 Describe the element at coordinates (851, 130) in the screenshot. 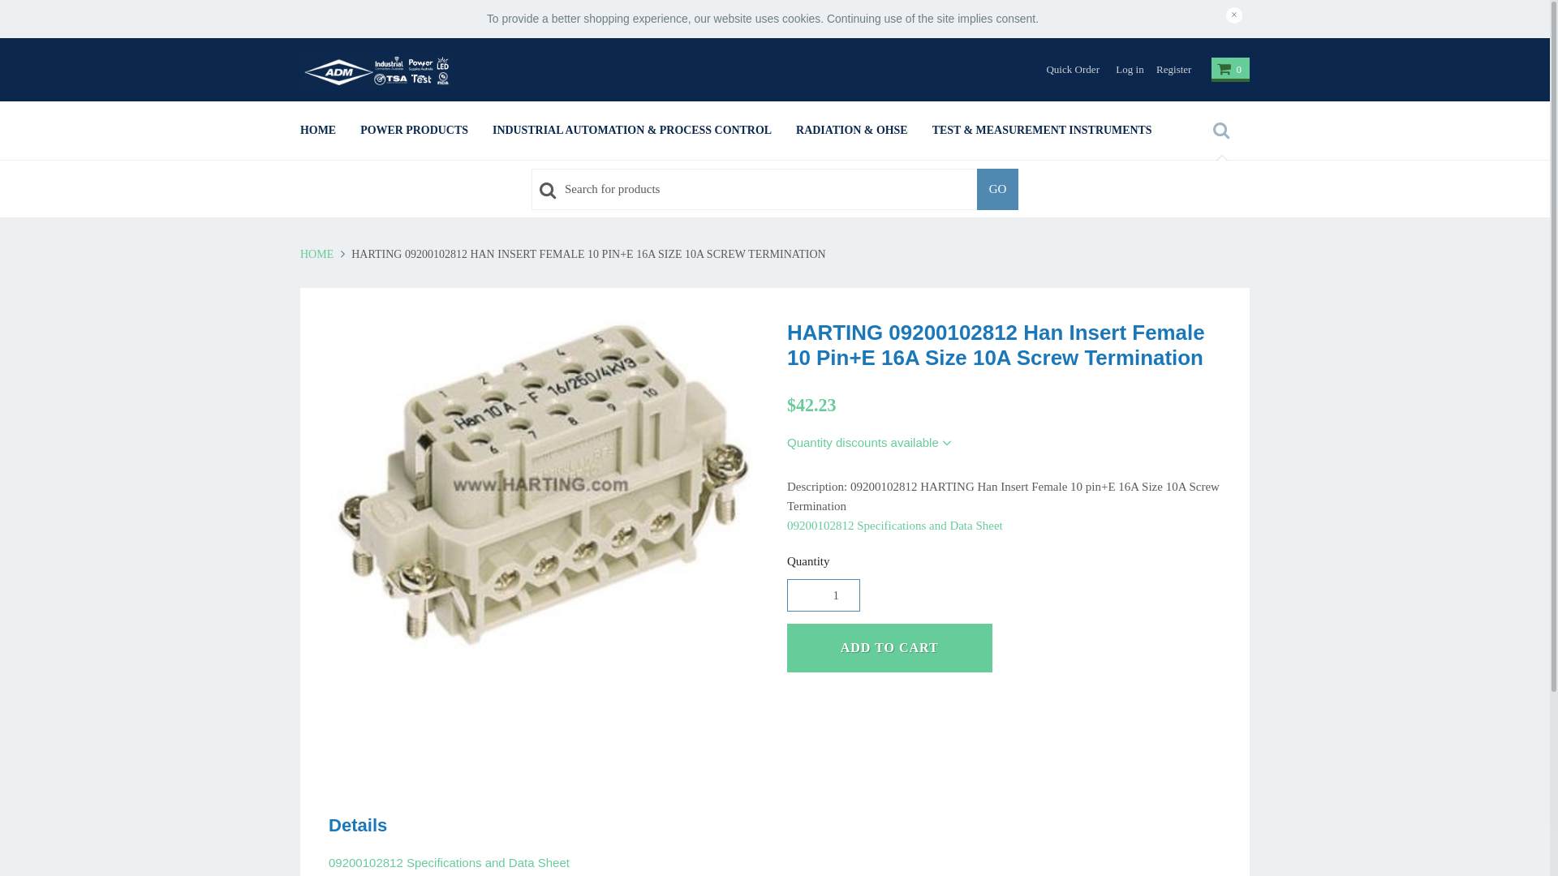

I see `'RADIATION & OHSE'` at that location.